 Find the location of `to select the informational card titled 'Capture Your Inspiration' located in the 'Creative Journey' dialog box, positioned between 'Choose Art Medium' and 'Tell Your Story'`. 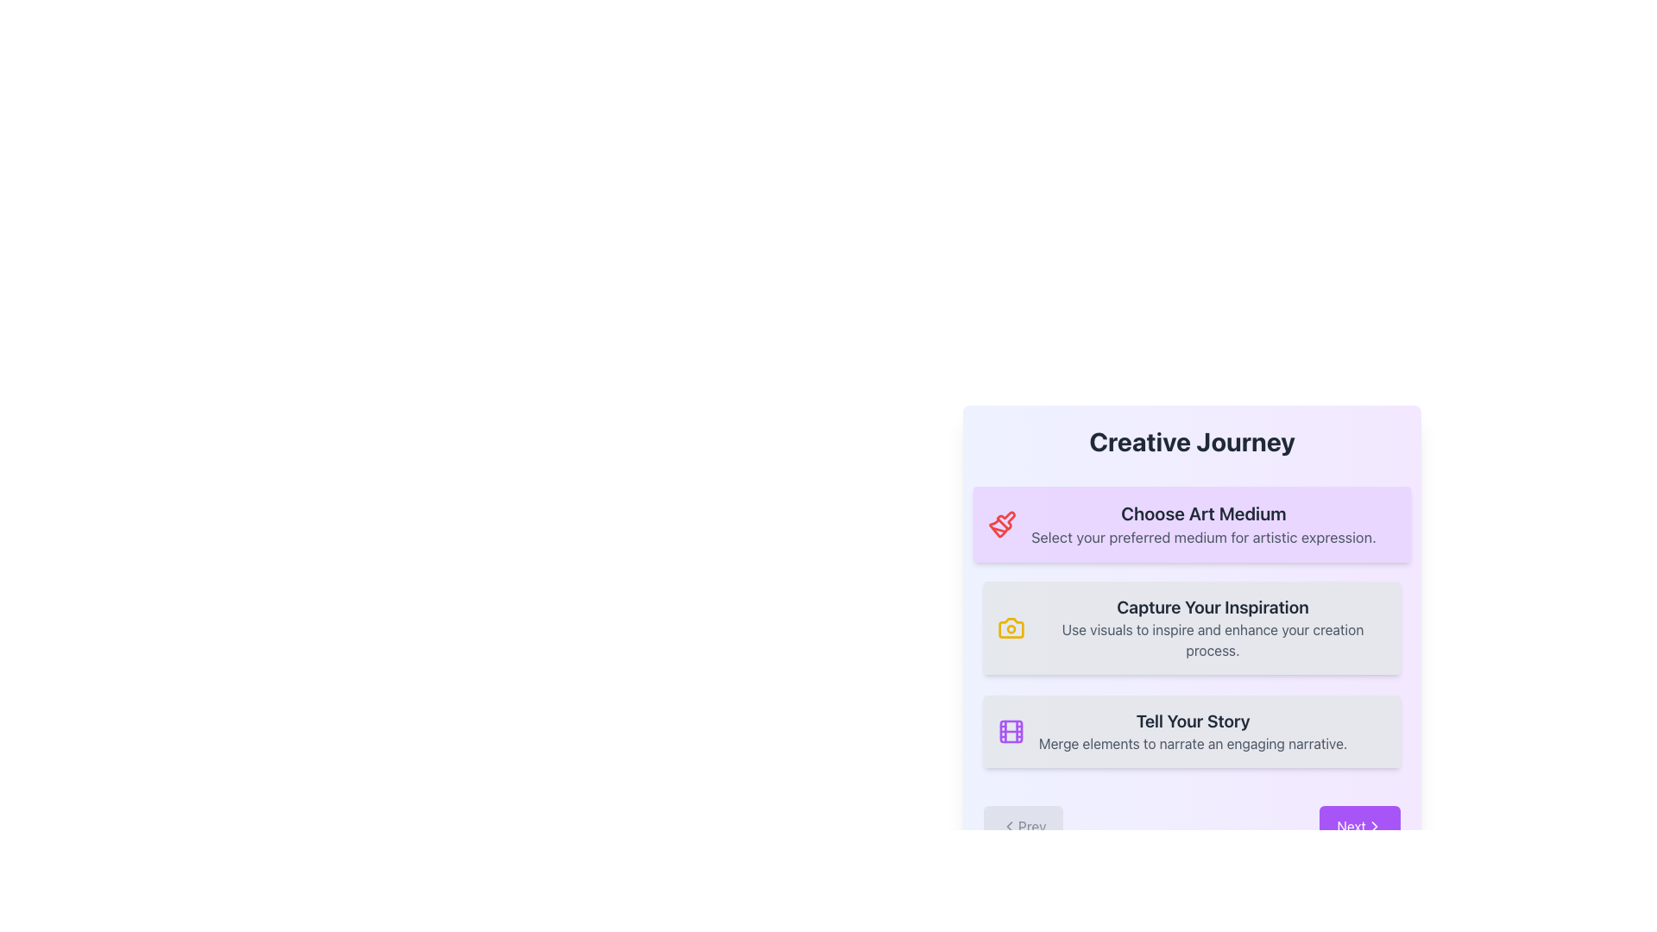

to select the informational card titled 'Capture Your Inspiration' located in the 'Creative Journey' dialog box, positioned between 'Choose Art Medium' and 'Tell Your Story' is located at coordinates (1191, 636).